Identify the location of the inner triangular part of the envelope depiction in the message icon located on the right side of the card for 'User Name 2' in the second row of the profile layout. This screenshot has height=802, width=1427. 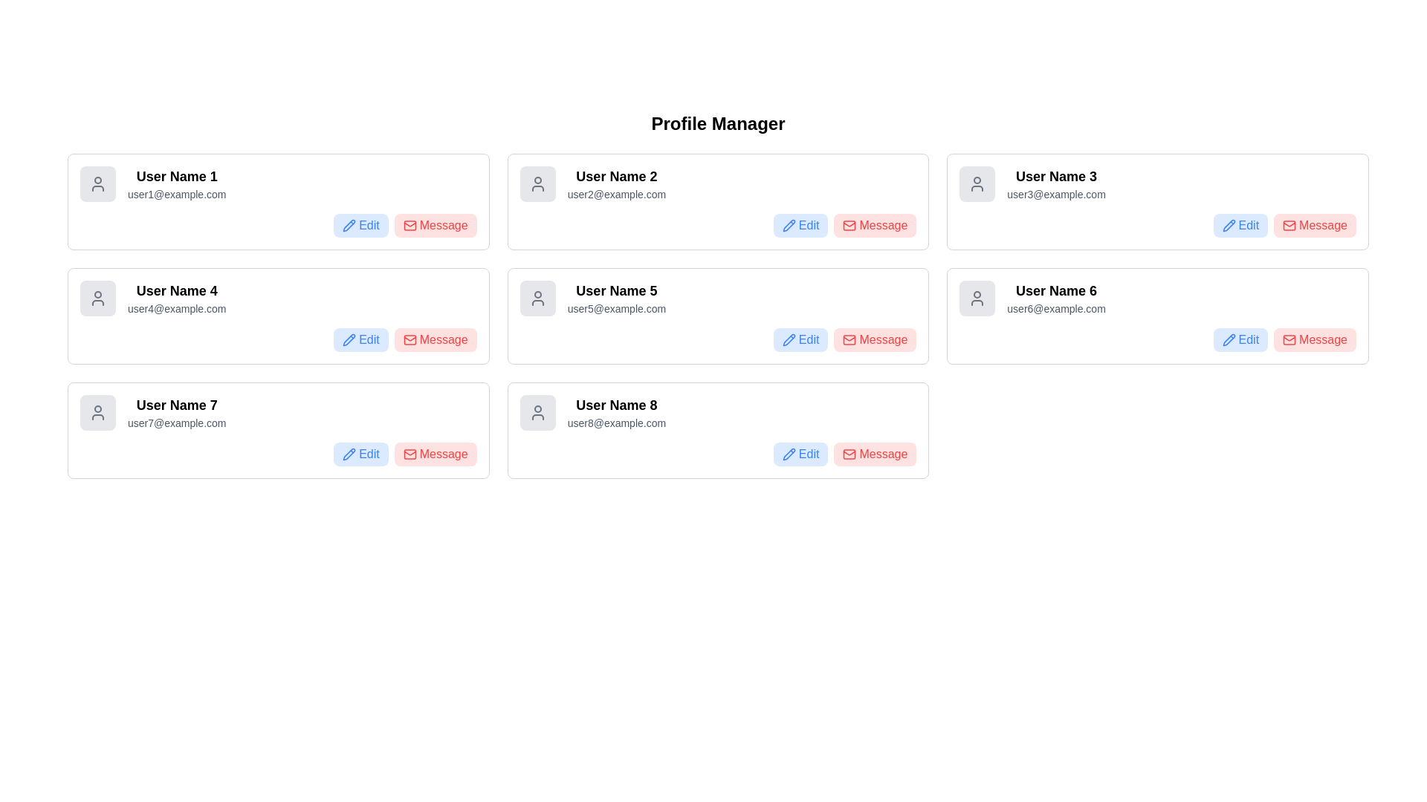
(850, 339).